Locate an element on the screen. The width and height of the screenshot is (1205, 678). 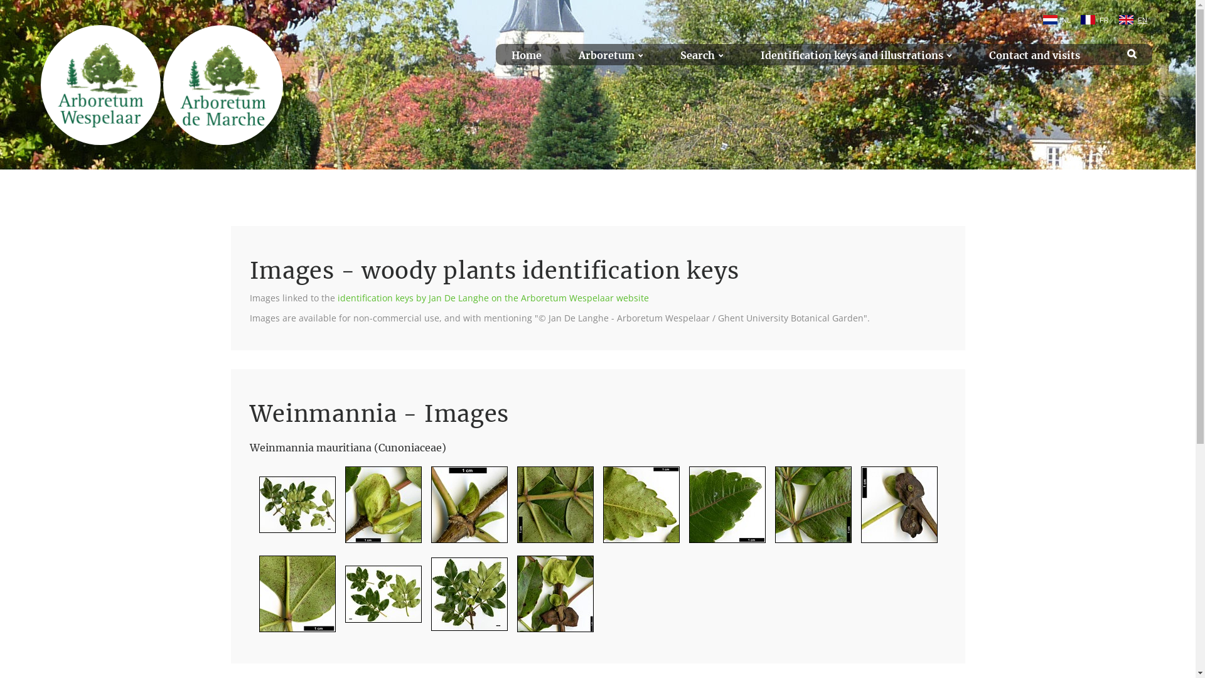
'Arboretum' is located at coordinates (577, 55).